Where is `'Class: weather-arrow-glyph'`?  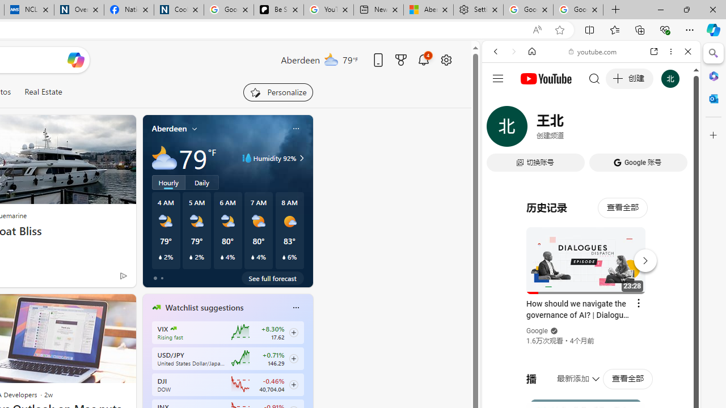 'Class: weather-arrow-glyph' is located at coordinates (301, 158).